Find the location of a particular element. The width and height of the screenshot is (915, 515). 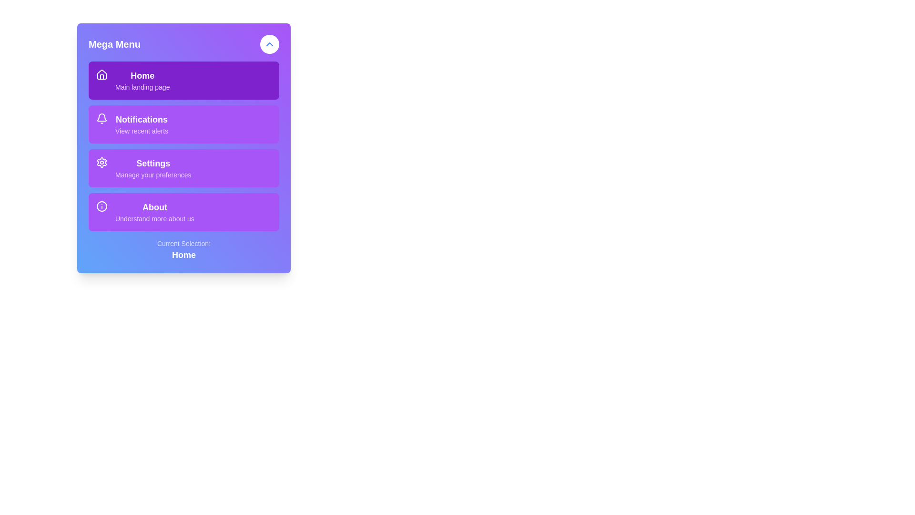

the 'Home' icon located in the left segment of the first menu option, which is represented by a house symbol, in its context within the menu interface is located at coordinates (102, 73).